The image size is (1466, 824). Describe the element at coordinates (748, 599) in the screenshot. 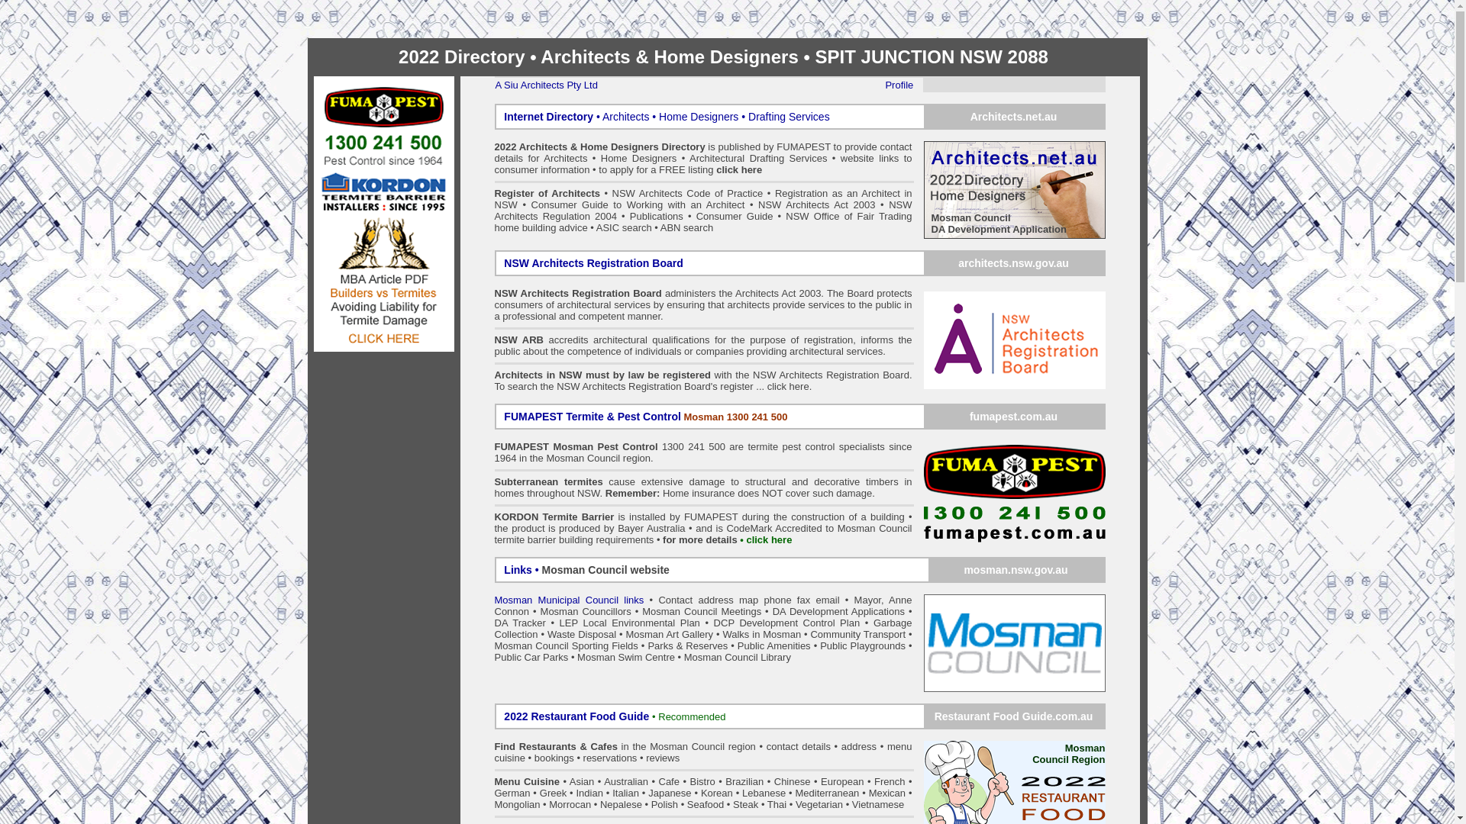

I see `'Contact address map phone fax email'` at that location.